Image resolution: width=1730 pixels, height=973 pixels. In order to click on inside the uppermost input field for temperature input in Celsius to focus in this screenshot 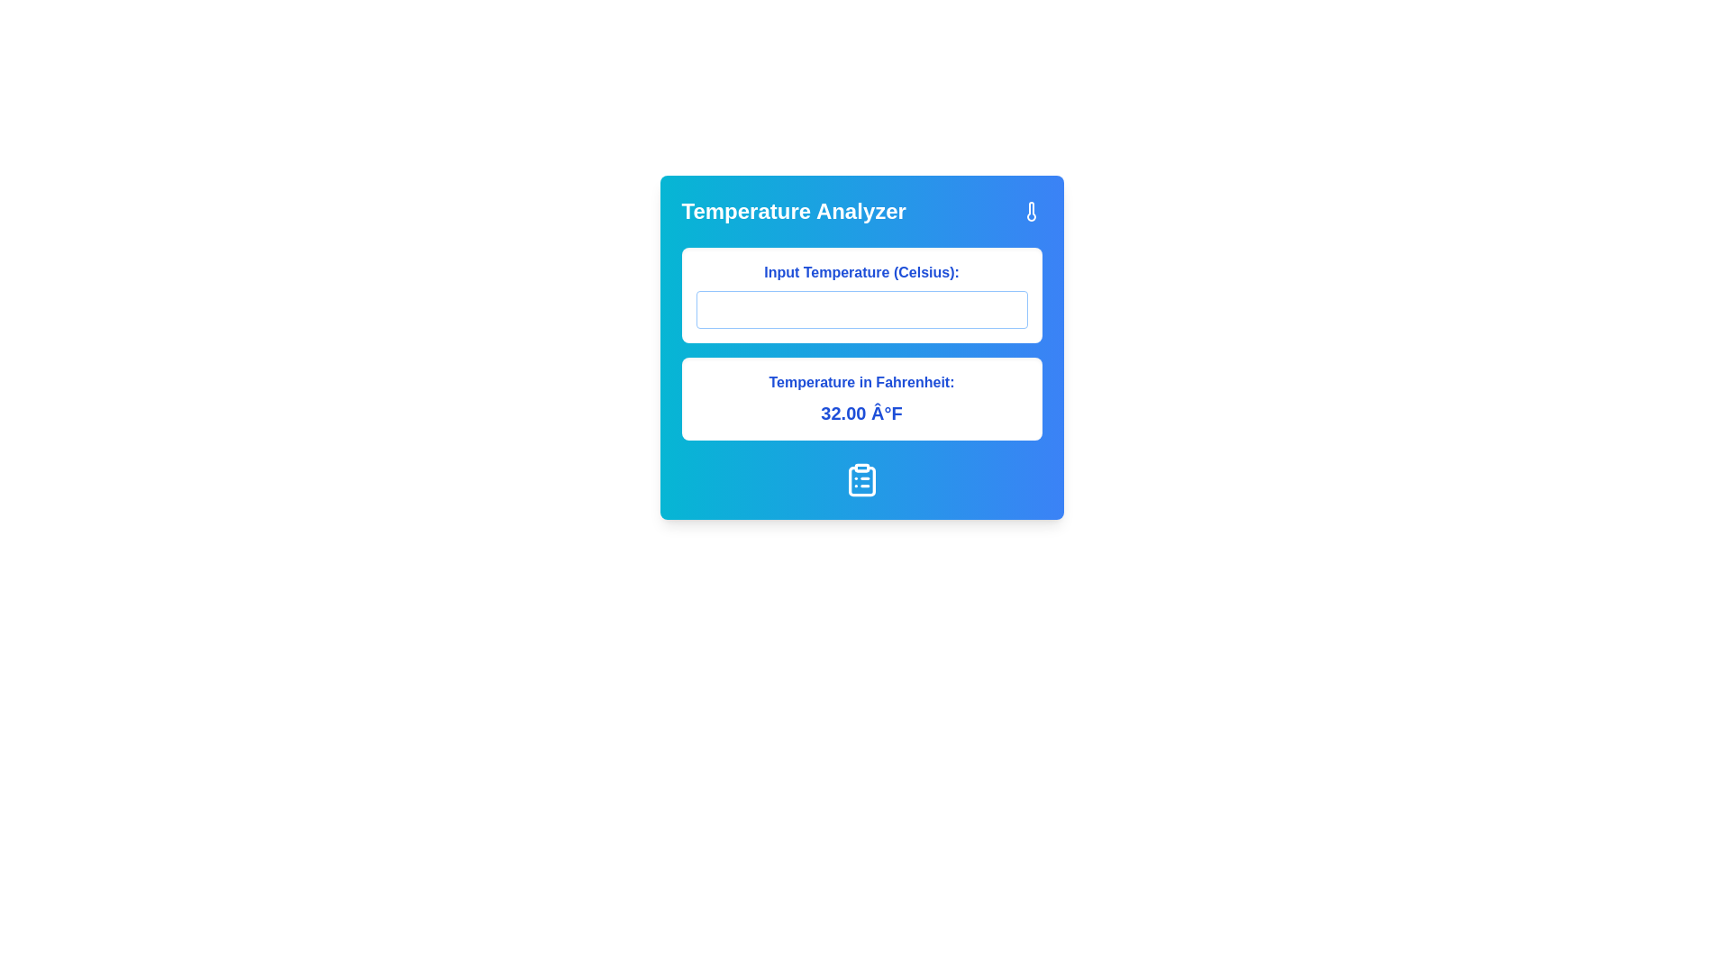, I will do `click(860, 294)`.